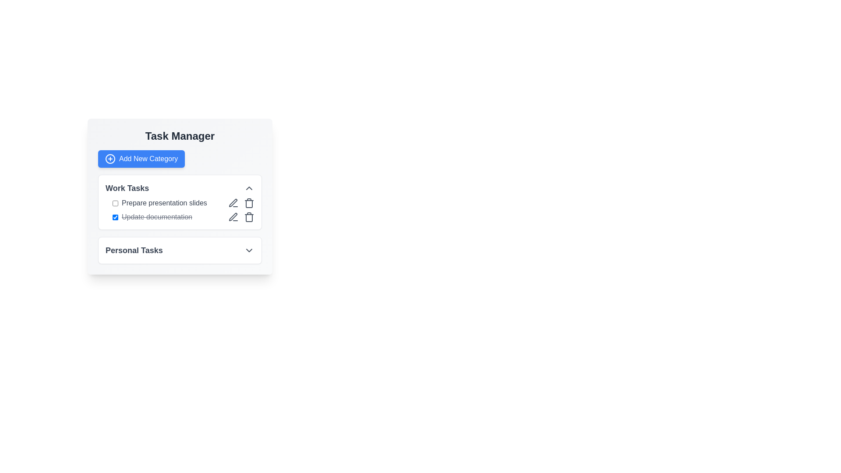 The image size is (841, 473). What do you see at coordinates (183, 217) in the screenshot?
I see `the completed task label` at bounding box center [183, 217].